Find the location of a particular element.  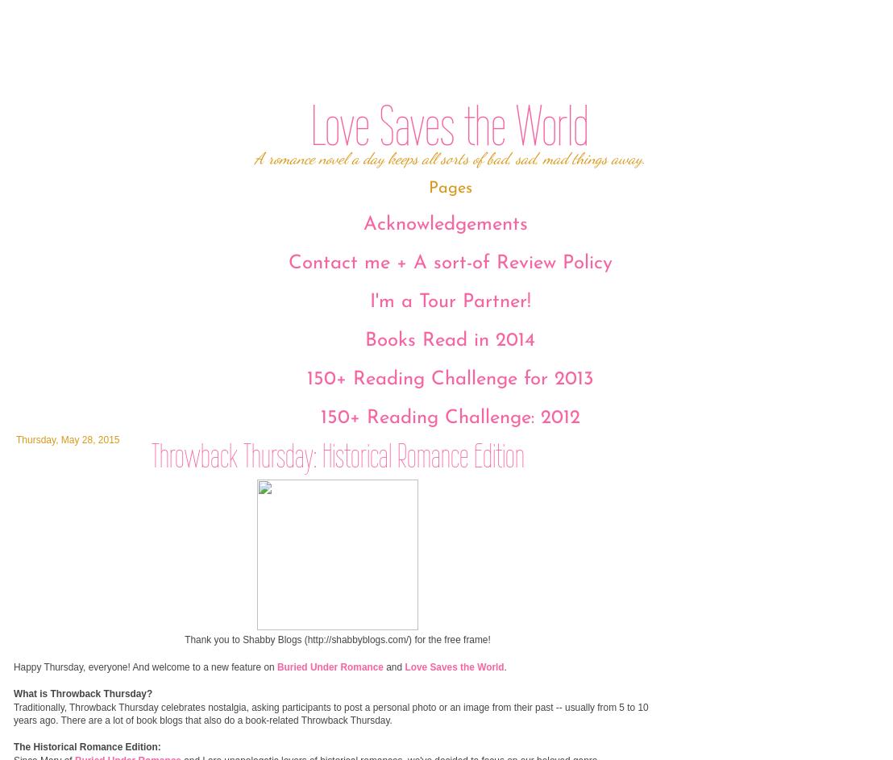

'Thursday, May 28, 2015' is located at coordinates (66, 438).